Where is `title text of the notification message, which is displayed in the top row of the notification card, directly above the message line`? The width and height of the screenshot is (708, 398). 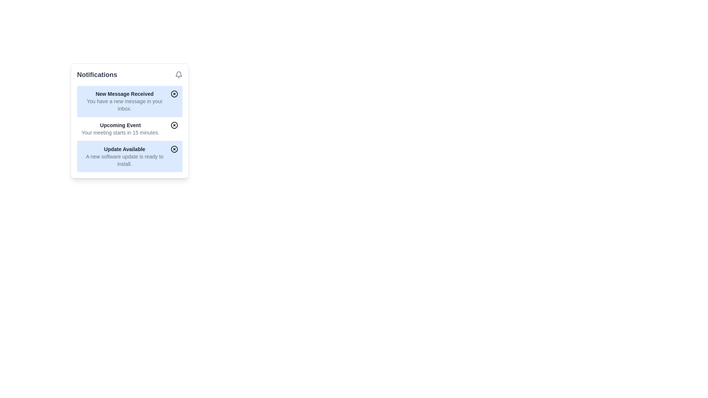
title text of the notification message, which is displayed in the top row of the notification card, directly above the message line is located at coordinates (124, 93).